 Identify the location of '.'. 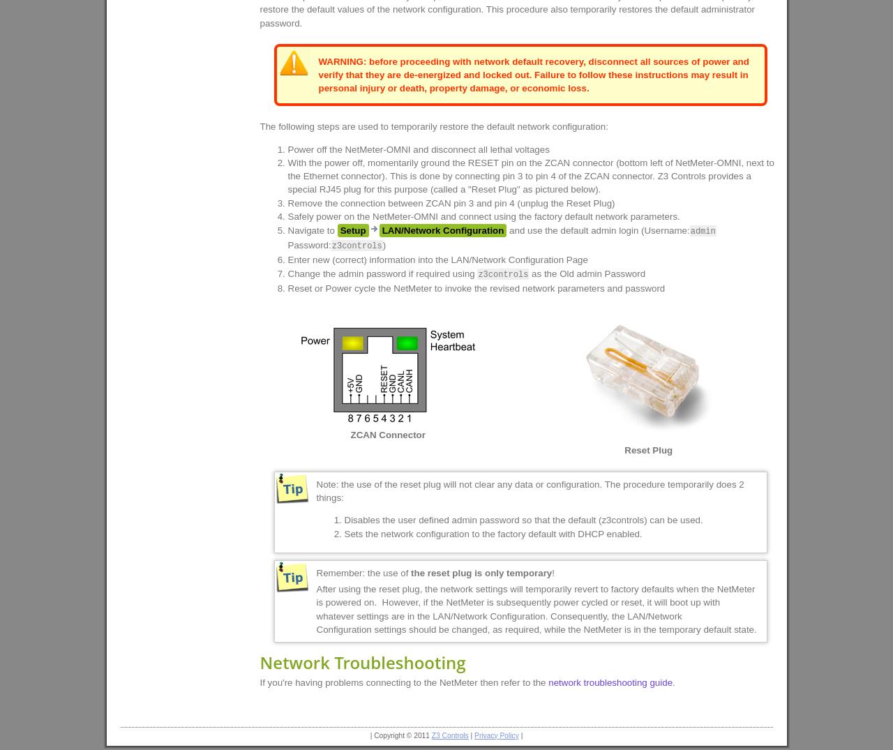
(673, 682).